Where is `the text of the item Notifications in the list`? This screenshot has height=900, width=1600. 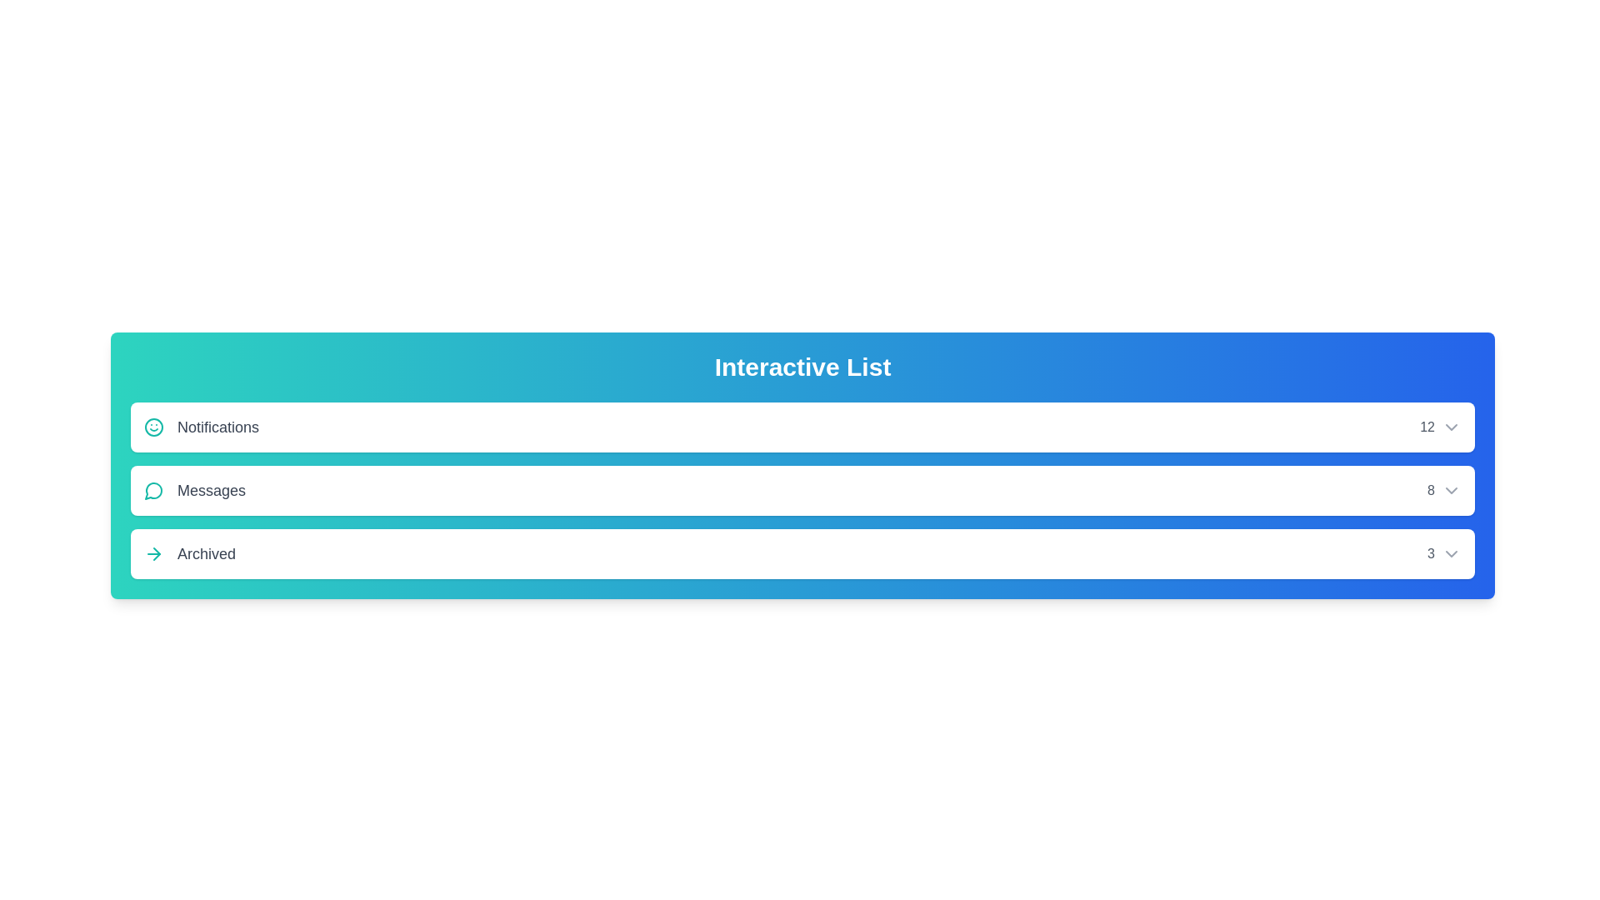
the text of the item Notifications in the list is located at coordinates (200, 427).